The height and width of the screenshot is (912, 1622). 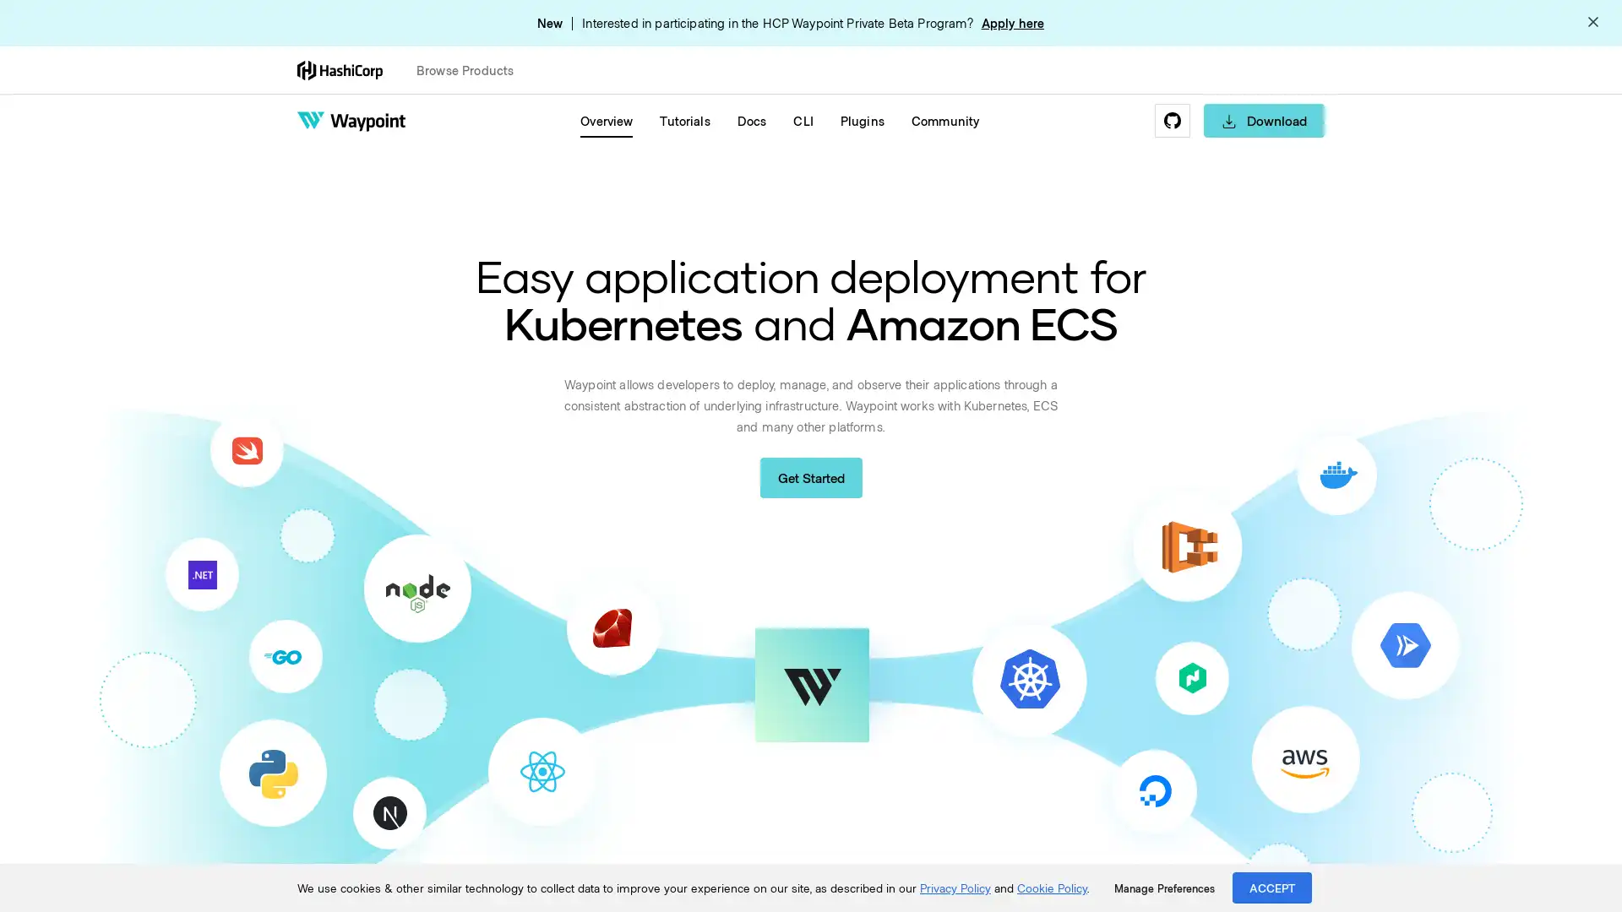 I want to click on Manage Preferences, so click(x=1163, y=888).